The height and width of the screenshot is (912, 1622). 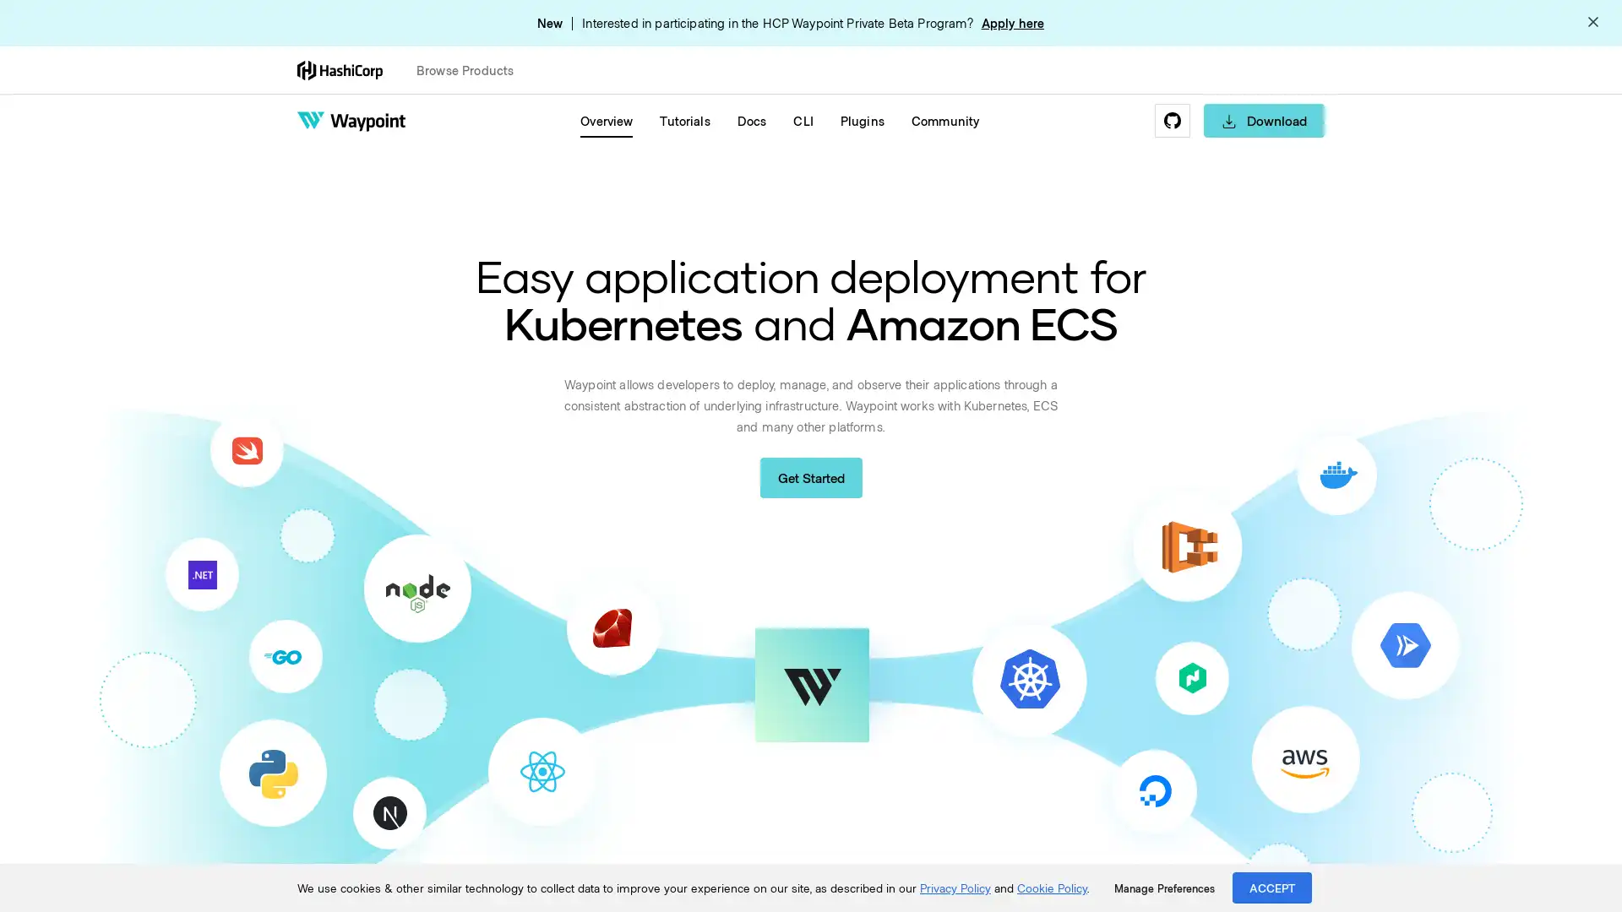 I want to click on Manage Preferences, so click(x=1163, y=888).